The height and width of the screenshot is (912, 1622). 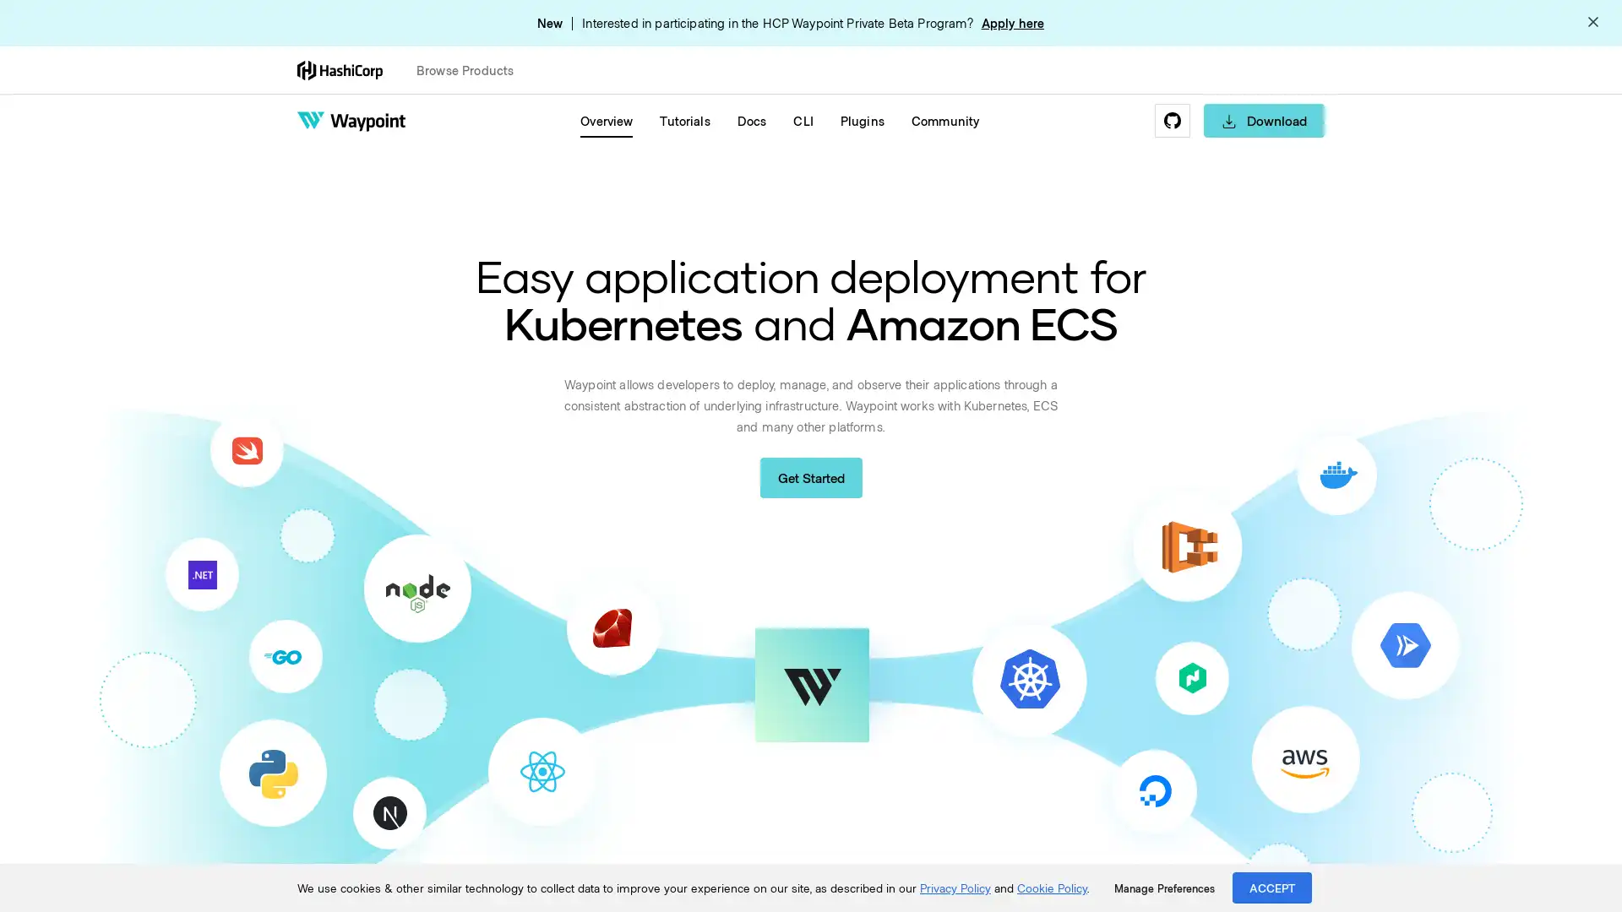 I want to click on Manage Preferences, so click(x=1163, y=888).